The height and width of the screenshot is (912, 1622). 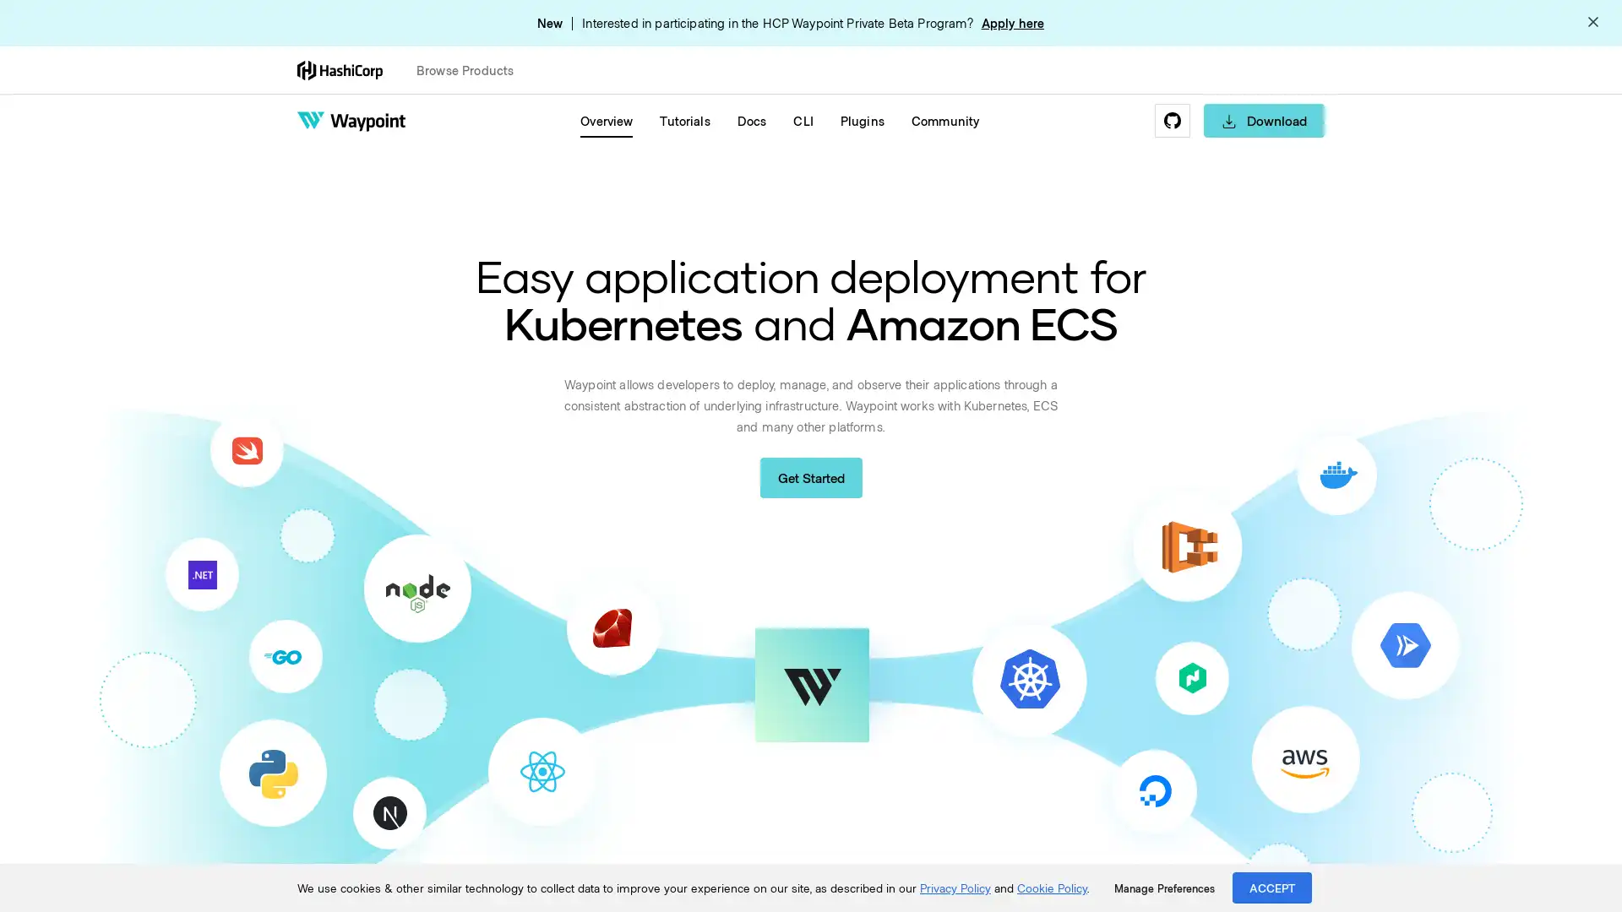 I want to click on Manage Preferences, so click(x=1163, y=888).